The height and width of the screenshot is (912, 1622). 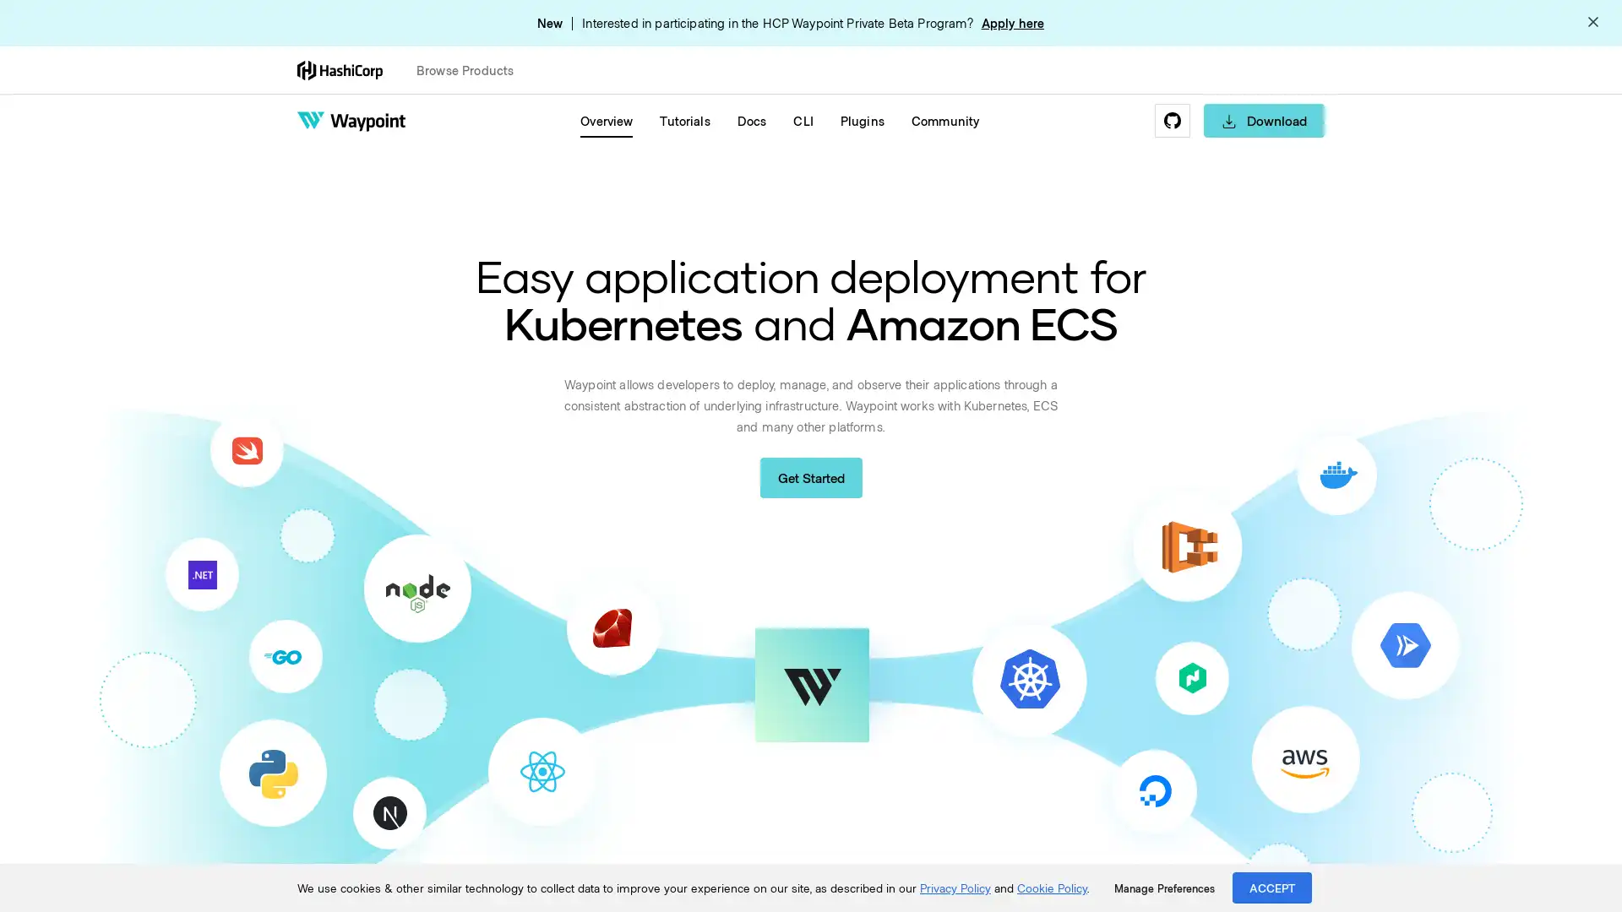 I want to click on Manage Preferences, so click(x=1163, y=888).